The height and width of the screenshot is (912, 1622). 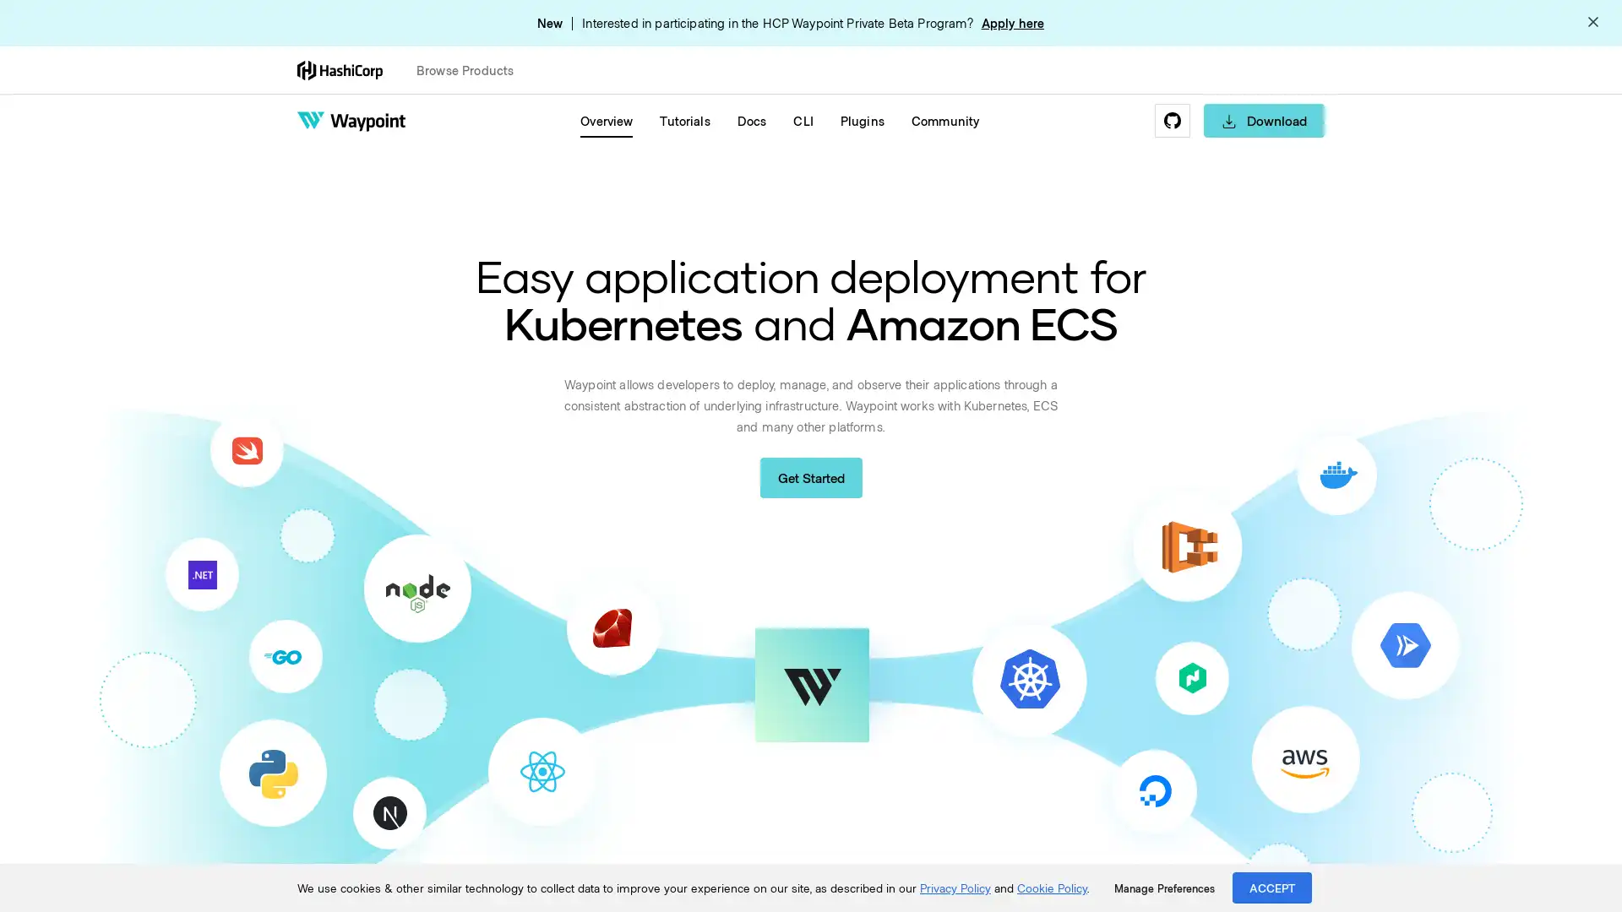 I want to click on Manage Preferences, so click(x=1163, y=888).